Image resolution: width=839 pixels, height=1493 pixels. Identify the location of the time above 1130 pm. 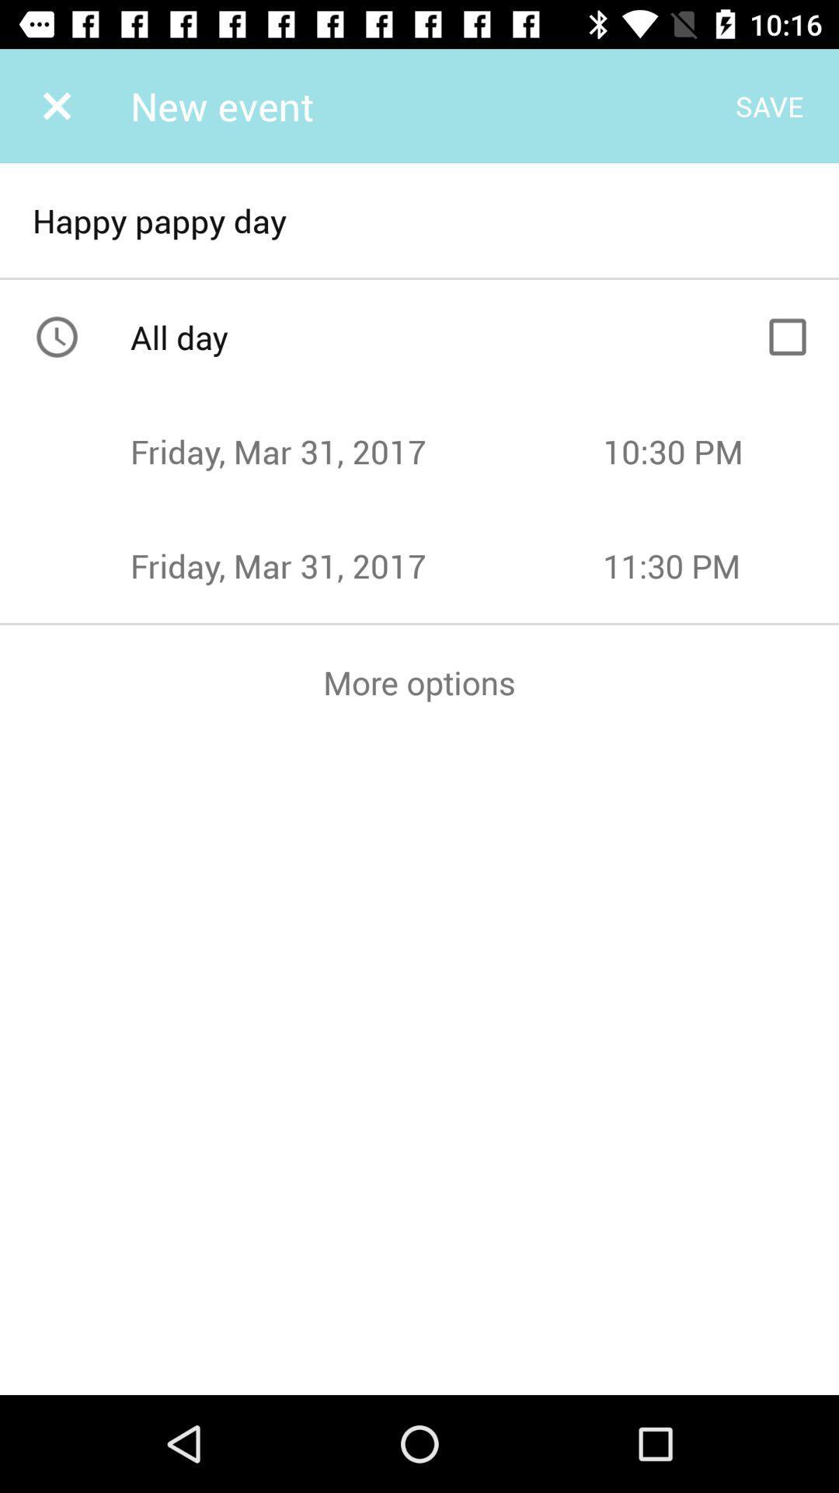
(721, 450).